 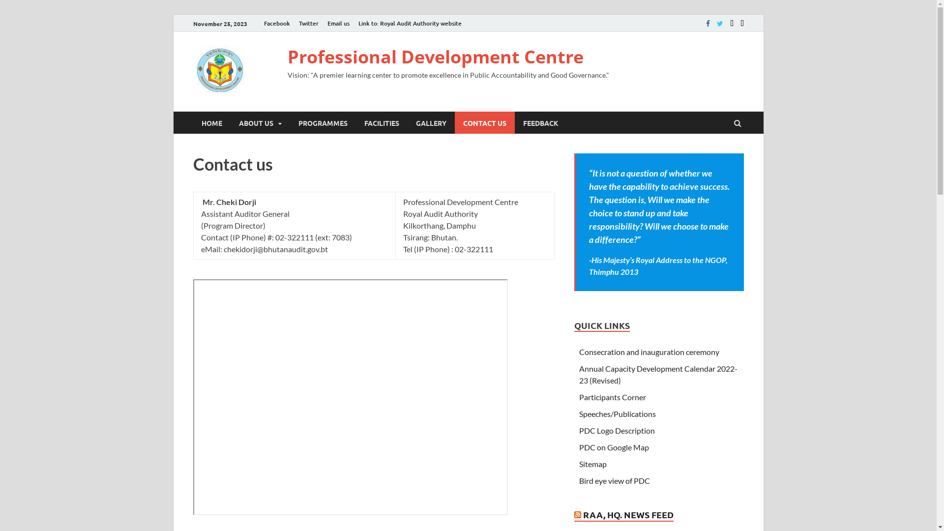 I want to click on 'PROGRAMMES', so click(x=323, y=122).